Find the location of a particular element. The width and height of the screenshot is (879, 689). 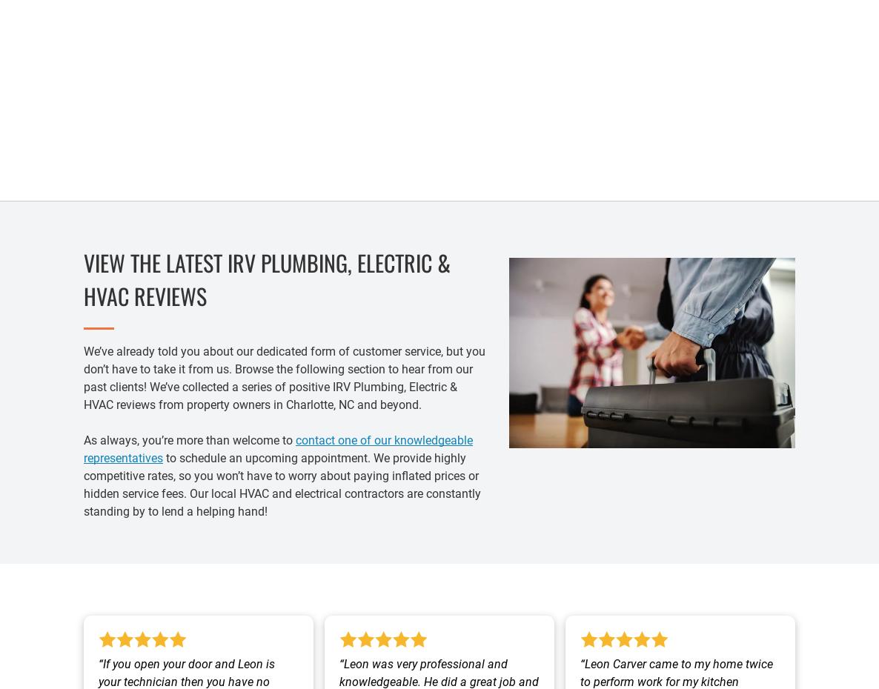

'region. Not only do we function as the area’s trusted electrical contractor, but our technicians provide the very latest in' is located at coordinates (87, 101).